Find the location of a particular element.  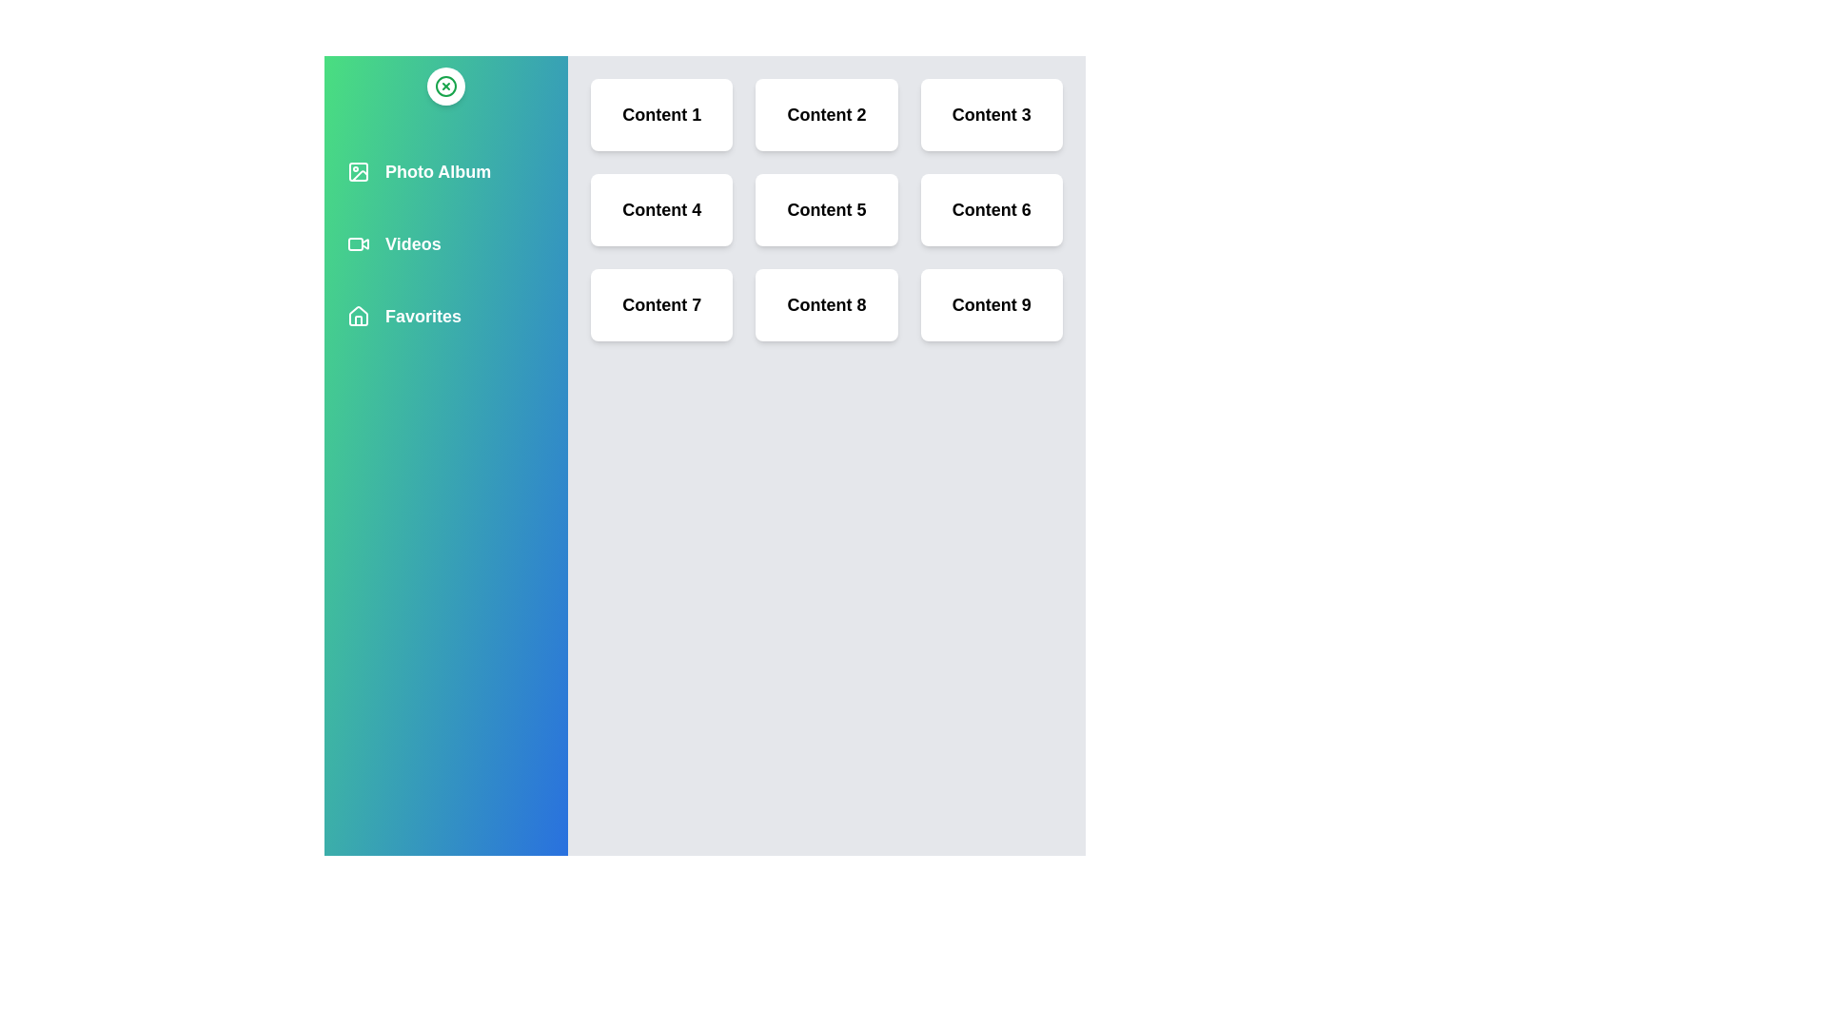

the multimedia item Videos from the list is located at coordinates (451, 243).